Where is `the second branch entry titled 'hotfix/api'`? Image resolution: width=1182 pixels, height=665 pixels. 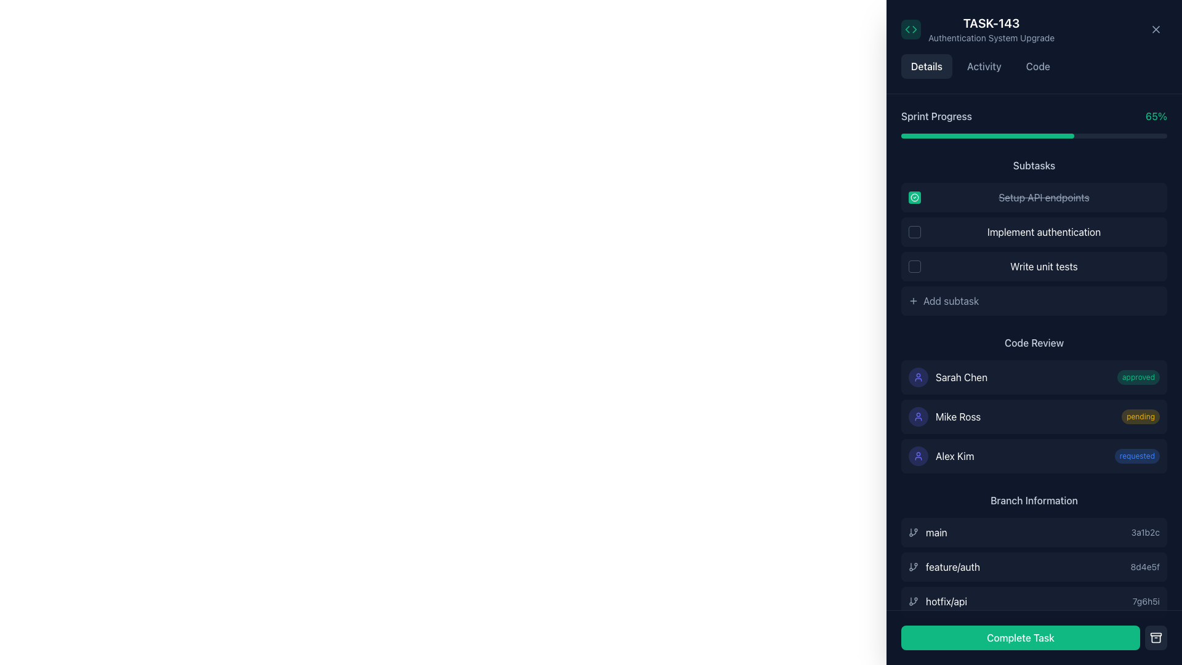 the second branch entry titled 'hotfix/api' is located at coordinates (1034, 555).